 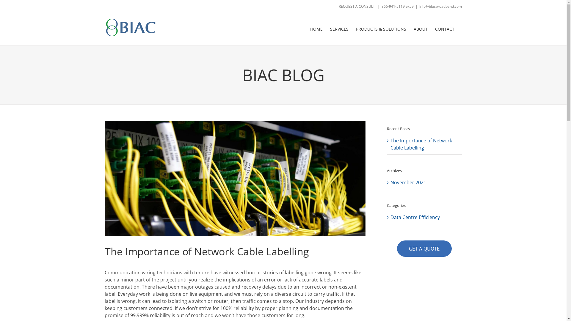 I want to click on 'REQUEST A CONSULT', so click(x=357, y=6).